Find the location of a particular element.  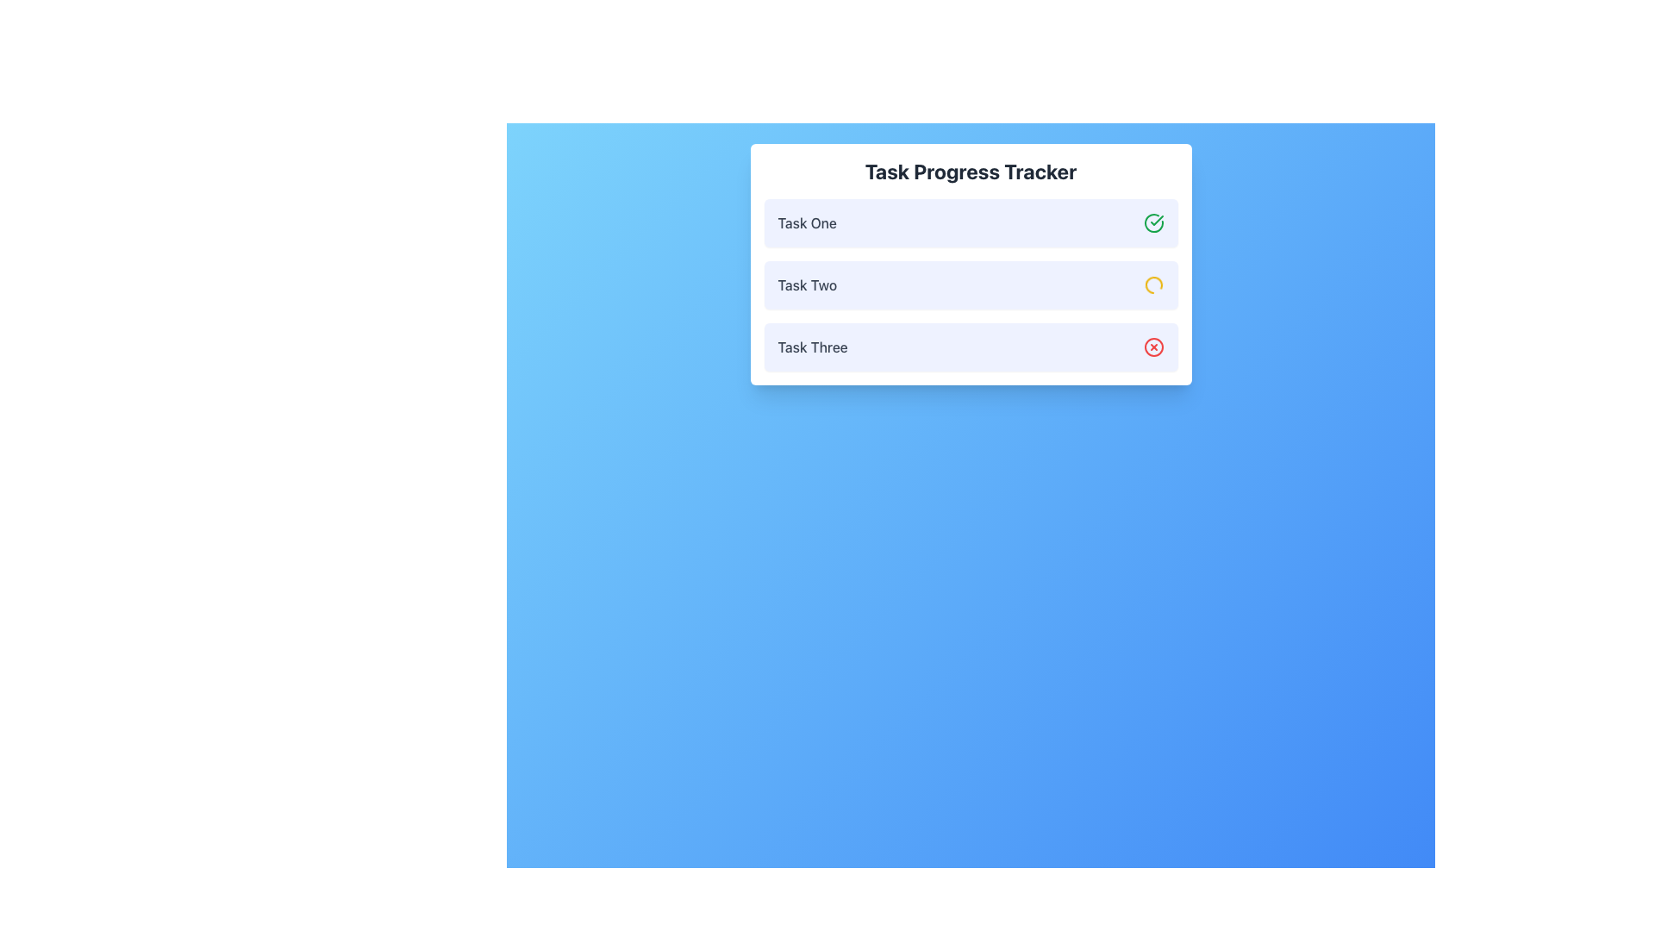

the yellow spinning icon indicating the status of the task entry labeled 'Task Two' in the task tracker is located at coordinates (971, 284).